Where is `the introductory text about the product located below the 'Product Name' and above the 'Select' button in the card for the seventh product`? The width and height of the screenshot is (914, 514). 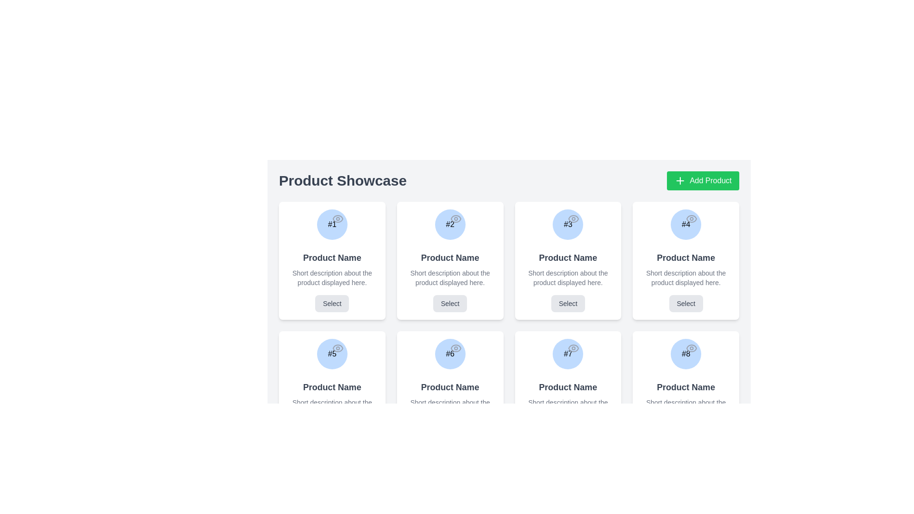
the introductory text about the product located below the 'Product Name' and above the 'Select' button in the card for the seventh product is located at coordinates (568, 407).